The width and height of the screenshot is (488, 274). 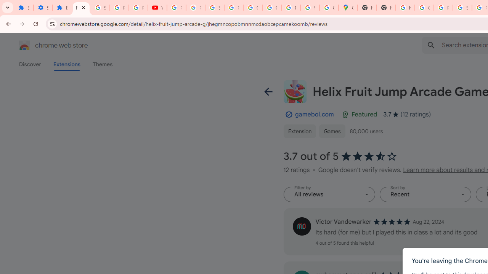 I want to click on 'Reviews: Helix Fruit Jump Arcade Game', so click(x=81, y=8).